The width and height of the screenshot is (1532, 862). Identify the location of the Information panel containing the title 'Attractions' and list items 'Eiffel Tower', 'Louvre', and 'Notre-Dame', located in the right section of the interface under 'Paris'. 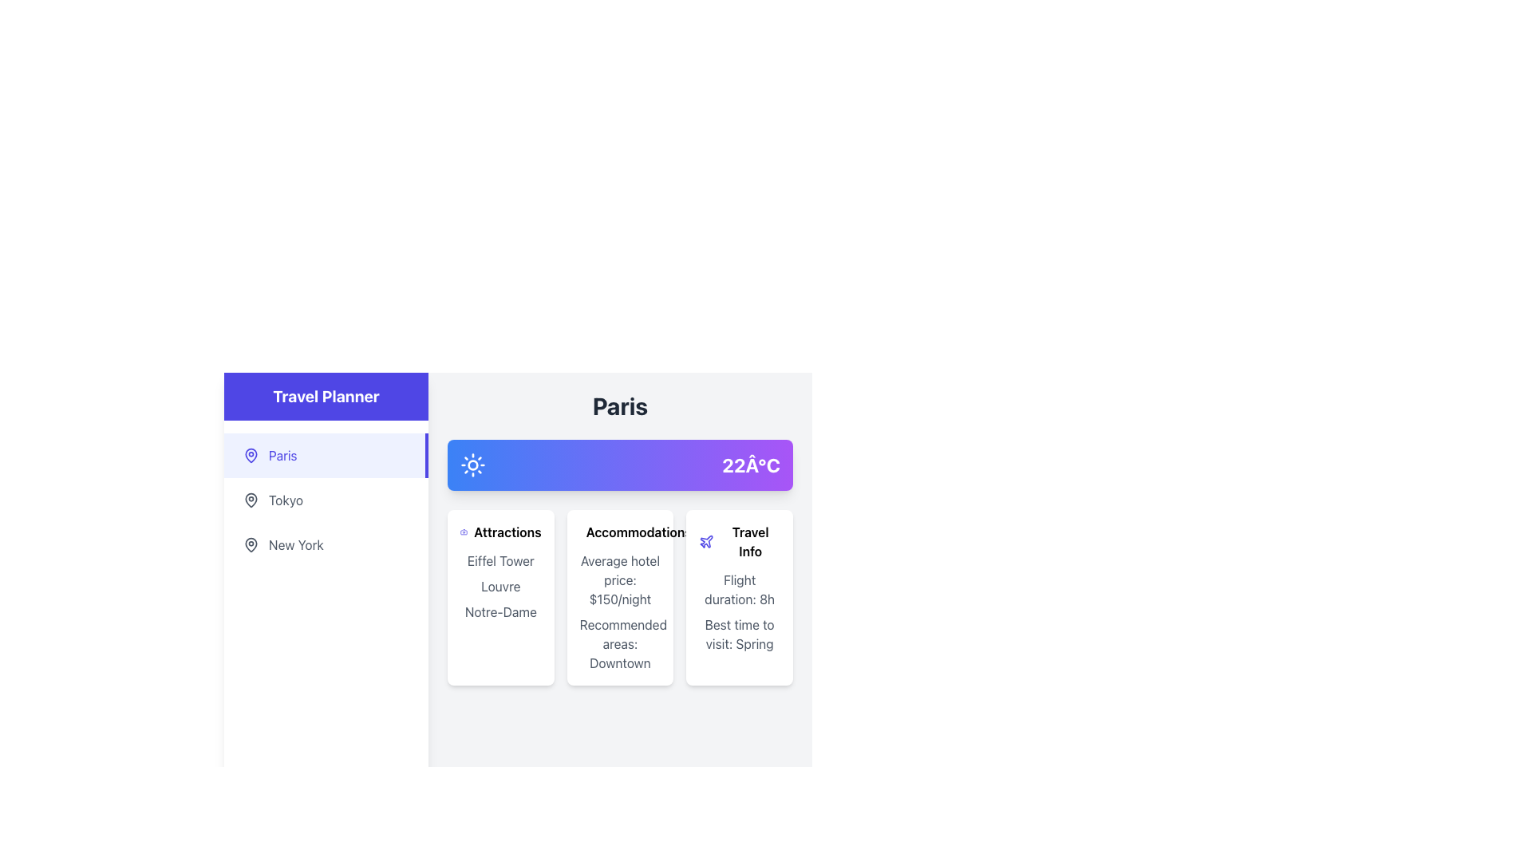
(518, 560).